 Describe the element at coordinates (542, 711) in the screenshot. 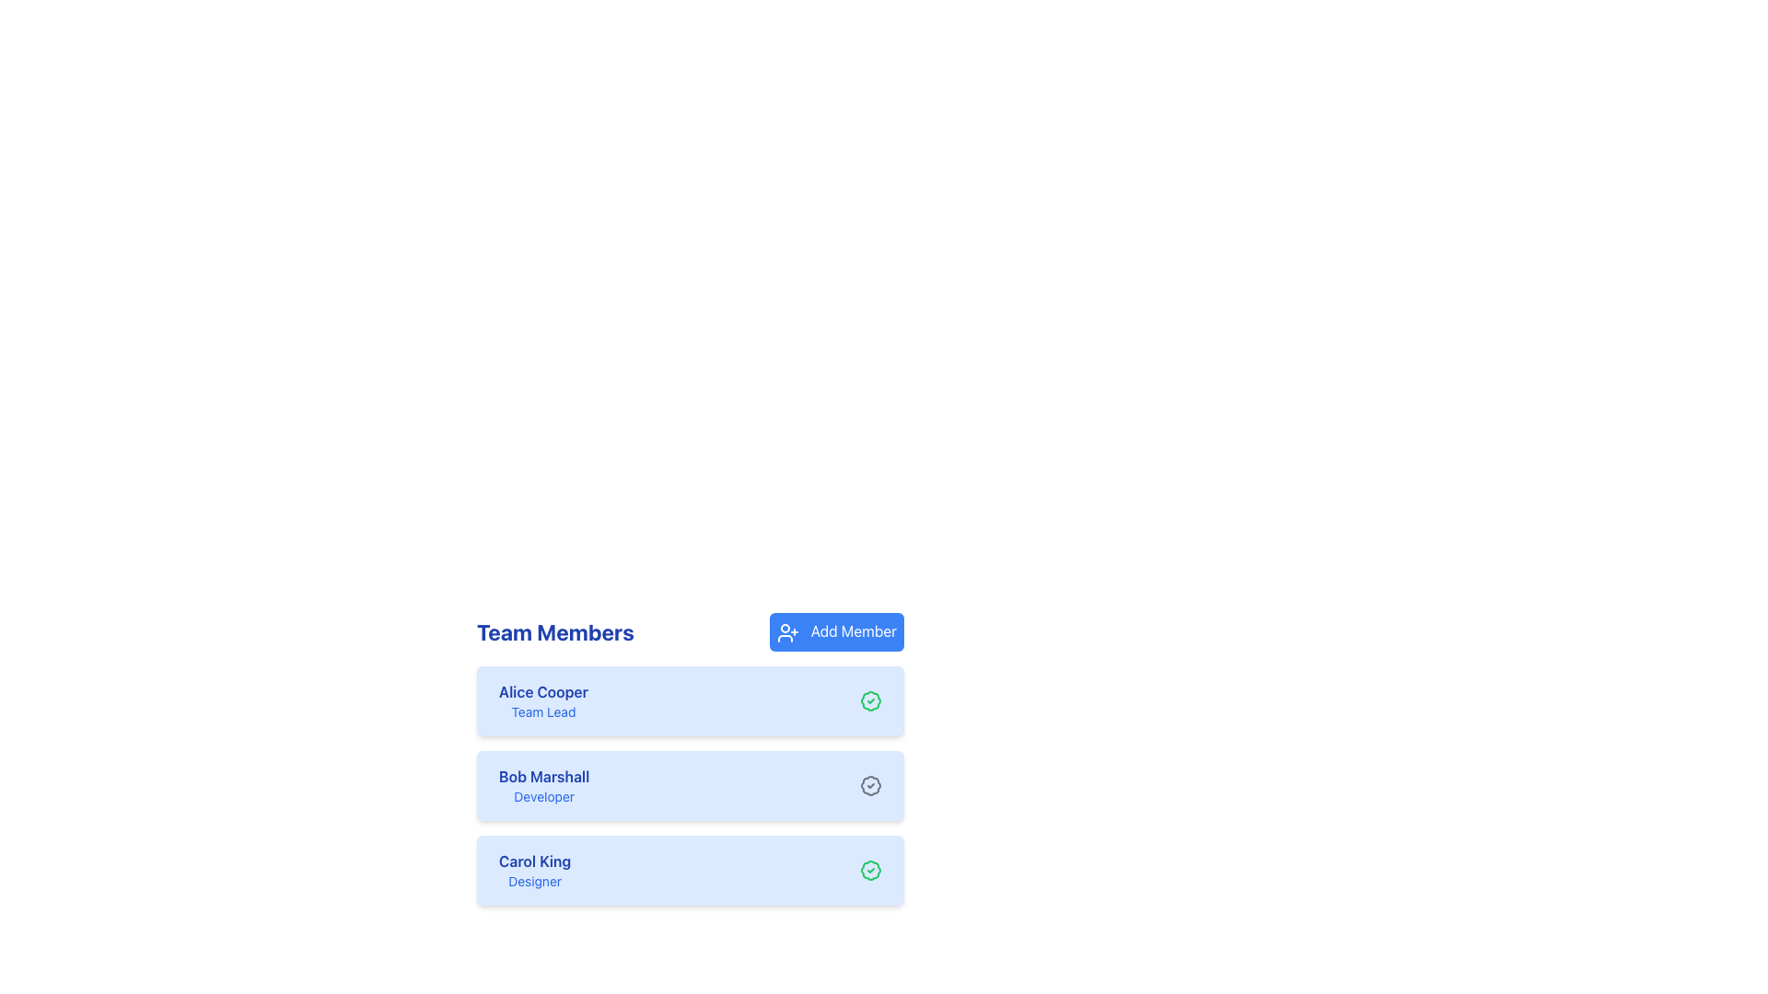

I see `text label displaying 'Team Lead', which is styled in small blue font against a lighter background, located below 'Alice Cooper'` at that location.